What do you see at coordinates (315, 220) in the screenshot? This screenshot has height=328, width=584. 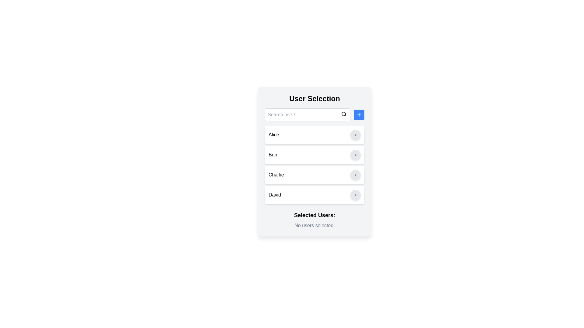 I see `the Information display area that shows 'Selected Users:' with the text 'No users selected.' below it, located at the bottom of the 'User Selection' panel` at bounding box center [315, 220].